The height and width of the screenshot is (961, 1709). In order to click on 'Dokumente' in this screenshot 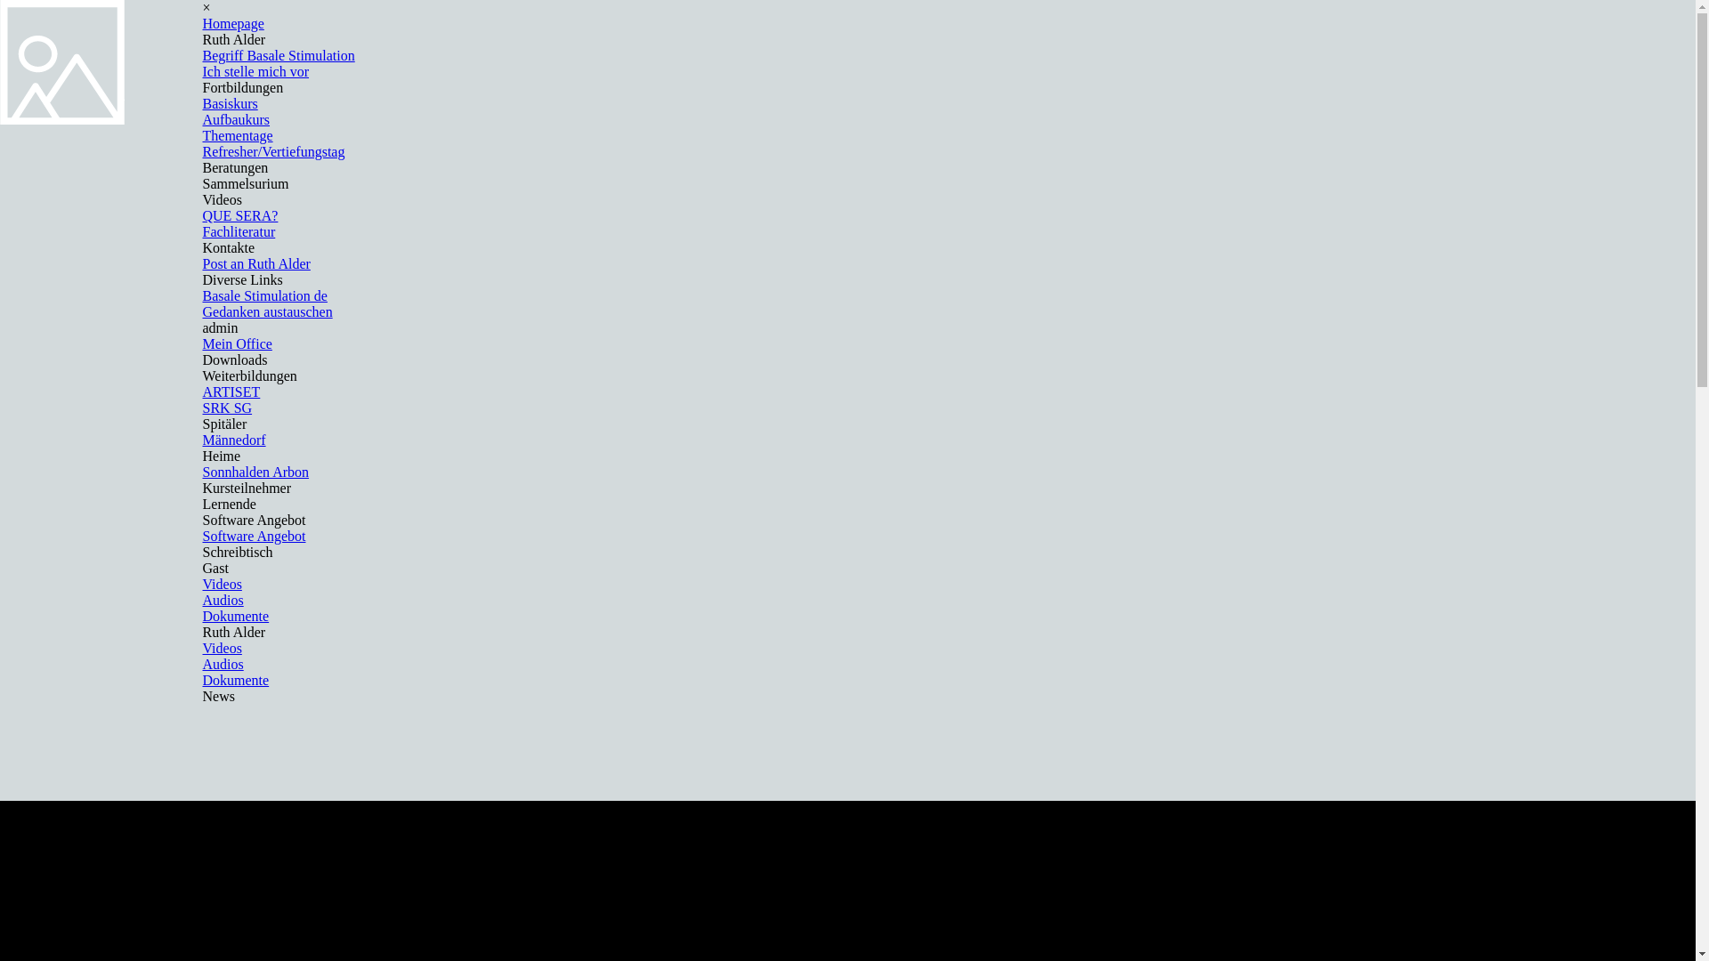, I will do `click(235, 680)`.